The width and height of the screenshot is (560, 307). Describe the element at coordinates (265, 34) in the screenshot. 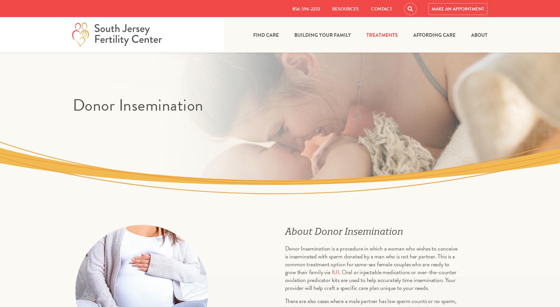

I see `'Find Care'` at that location.